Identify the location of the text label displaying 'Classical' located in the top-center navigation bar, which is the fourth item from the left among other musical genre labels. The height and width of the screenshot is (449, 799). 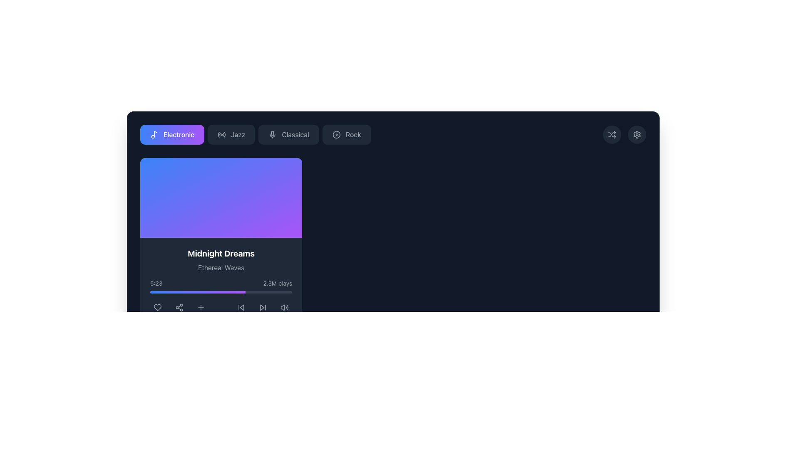
(295, 134).